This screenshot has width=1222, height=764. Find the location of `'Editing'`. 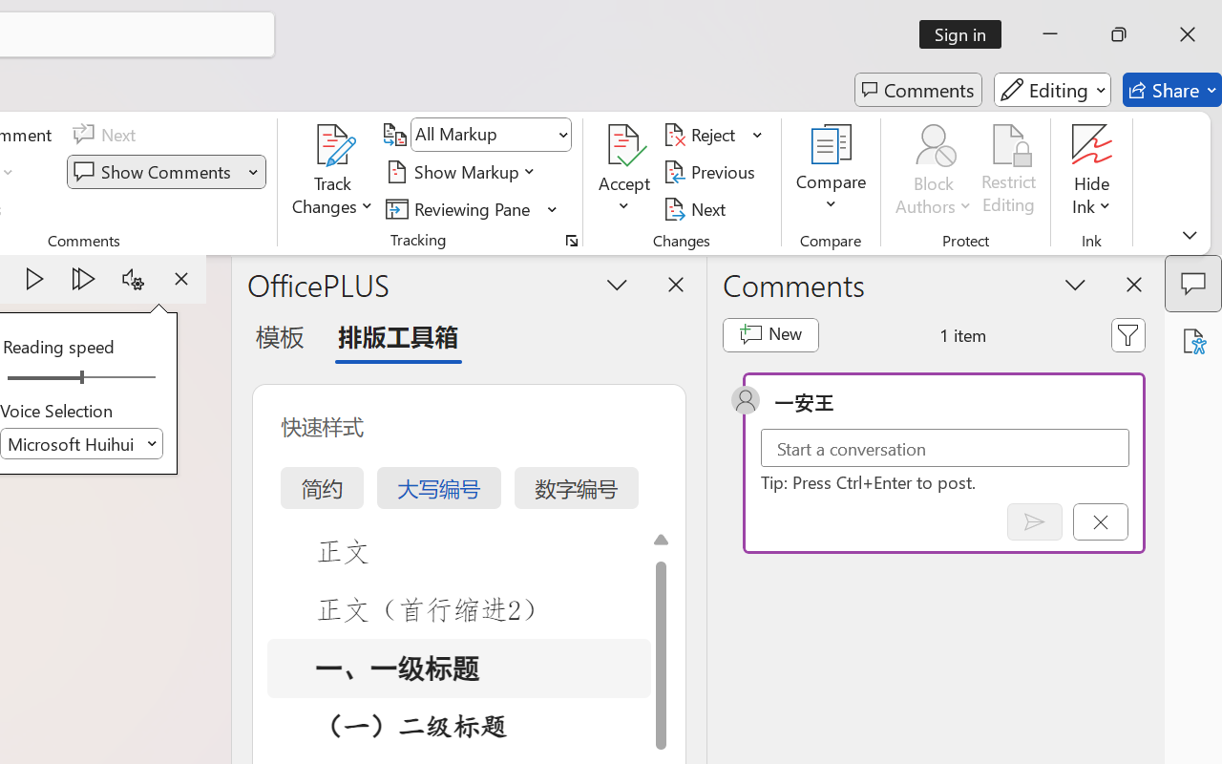

'Editing' is located at coordinates (1051, 90).